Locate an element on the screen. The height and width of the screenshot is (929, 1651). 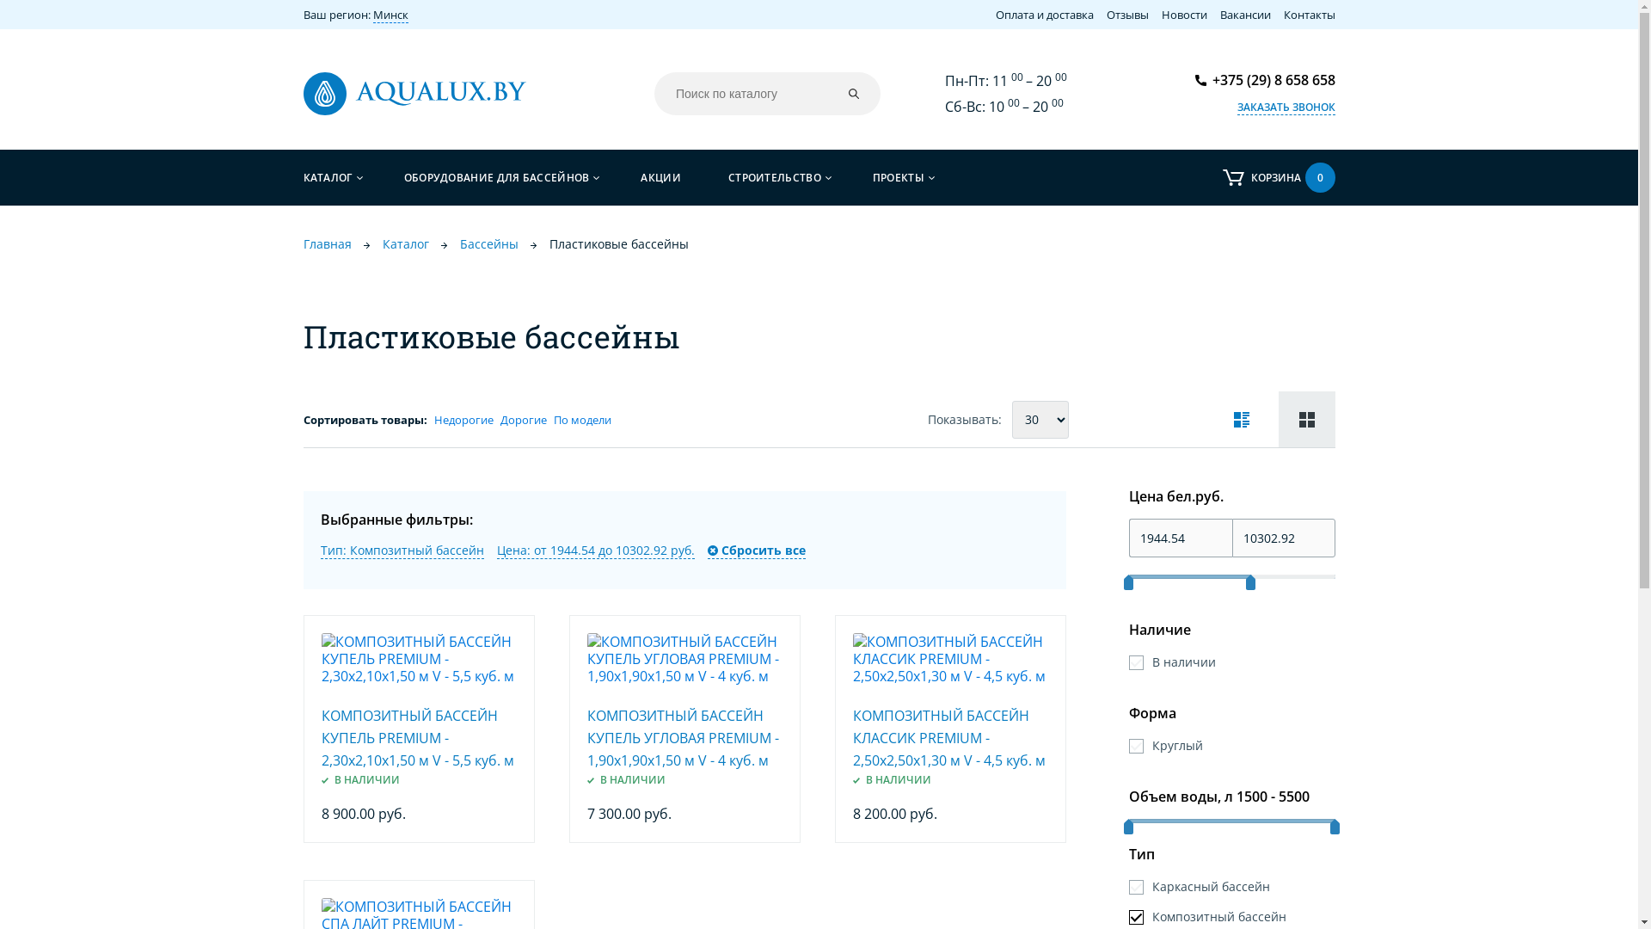
'+375 (29) 8 658 658' is located at coordinates (1265, 79).